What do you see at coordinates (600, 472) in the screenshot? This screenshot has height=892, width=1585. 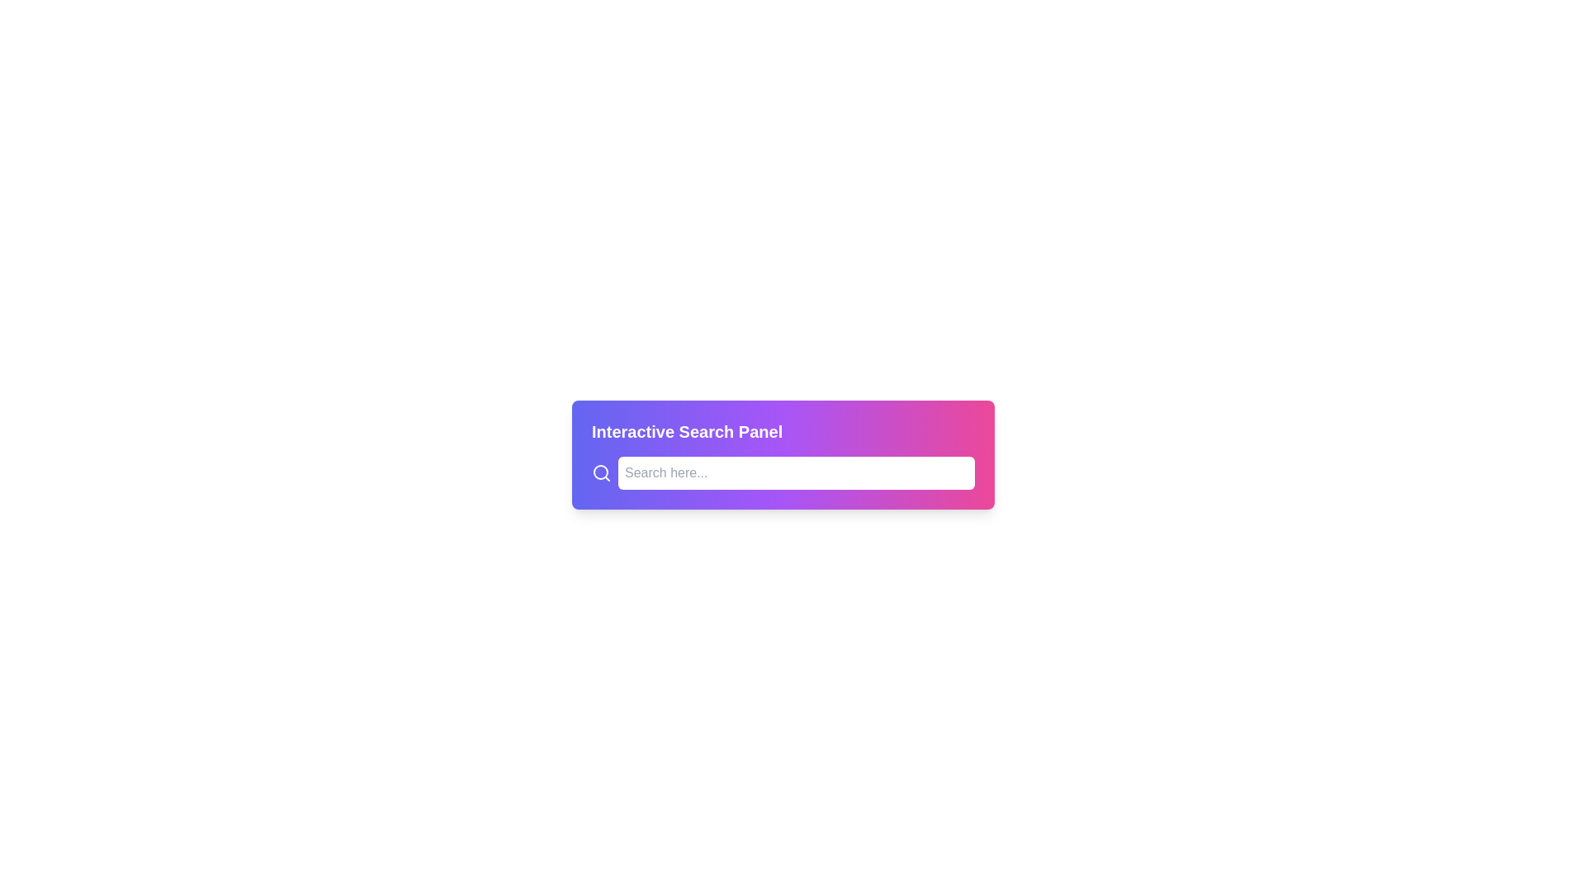 I see `the circular graphical component of the magnifying glass icon` at bounding box center [600, 472].